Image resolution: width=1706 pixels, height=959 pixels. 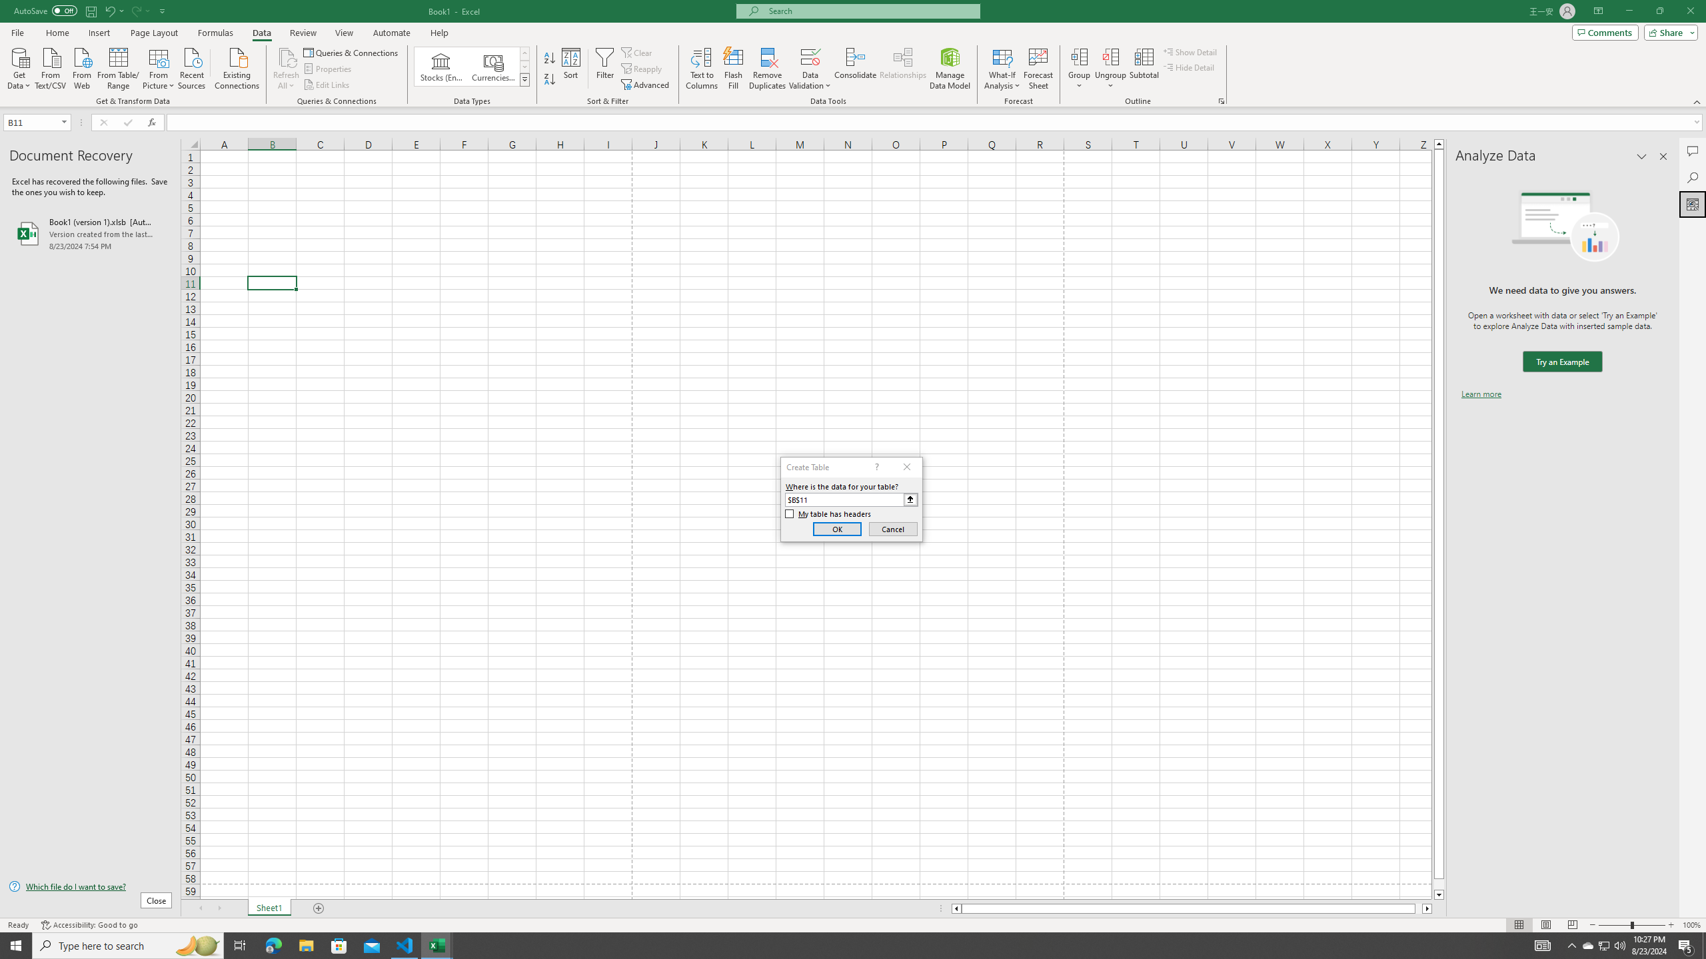 I want to click on 'Data Validation...', so click(x=810, y=56).